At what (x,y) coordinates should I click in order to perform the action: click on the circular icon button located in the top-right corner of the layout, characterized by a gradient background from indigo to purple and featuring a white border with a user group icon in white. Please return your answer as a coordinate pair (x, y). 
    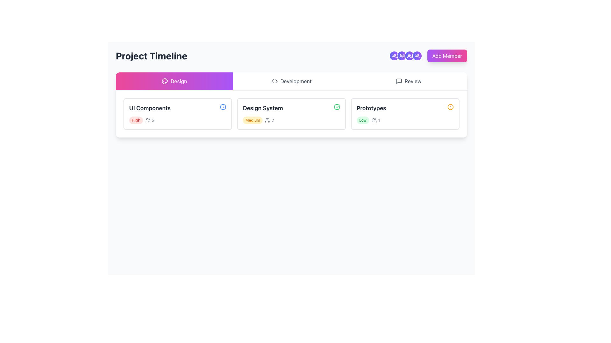
    Looking at the image, I should click on (394, 56).